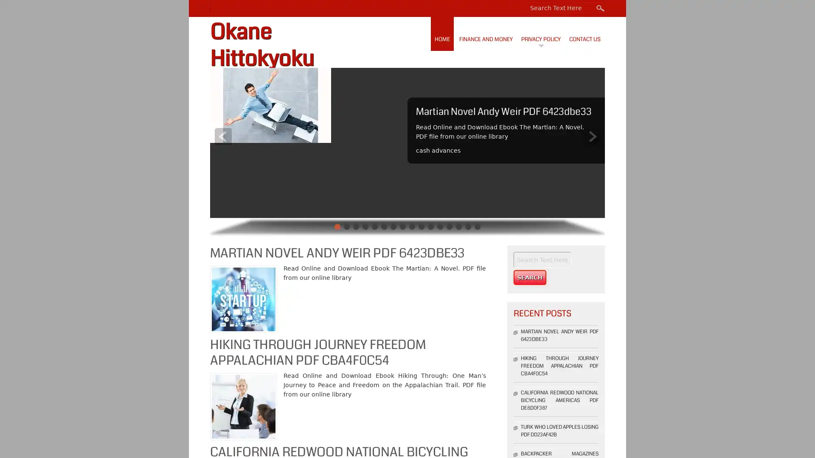 The image size is (815, 458). Describe the element at coordinates (529, 277) in the screenshot. I see `Search` at that location.